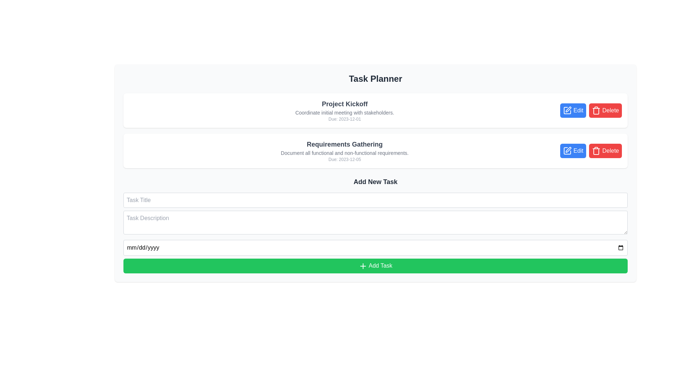 This screenshot has height=389, width=693. What do you see at coordinates (568, 109) in the screenshot?
I see `the icon button resembling a pen or pencil located at the top right of the task card` at bounding box center [568, 109].